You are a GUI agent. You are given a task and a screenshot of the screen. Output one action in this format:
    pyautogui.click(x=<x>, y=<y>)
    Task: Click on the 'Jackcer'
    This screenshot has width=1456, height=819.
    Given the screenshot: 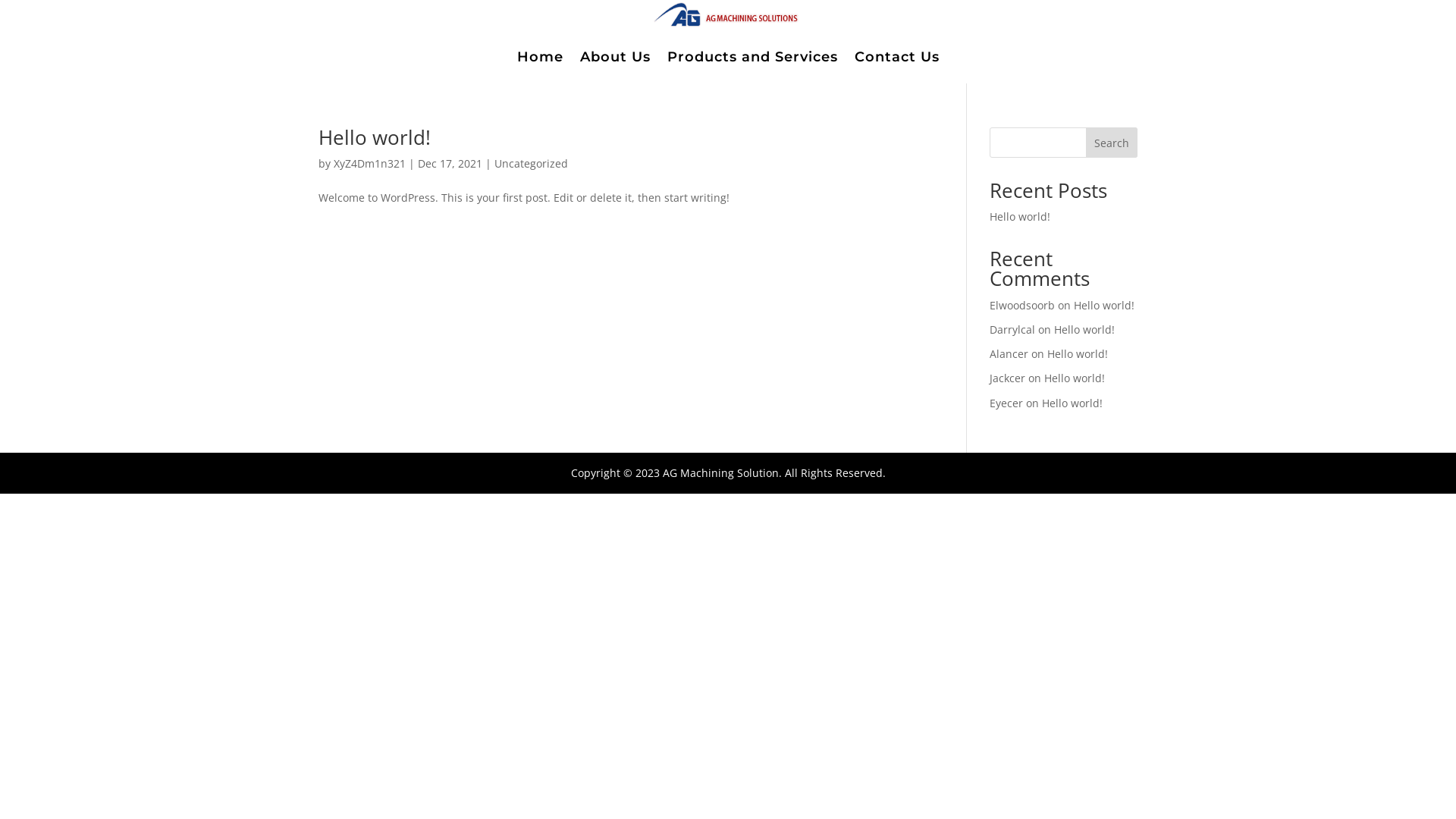 What is the action you would take?
    pyautogui.click(x=990, y=377)
    